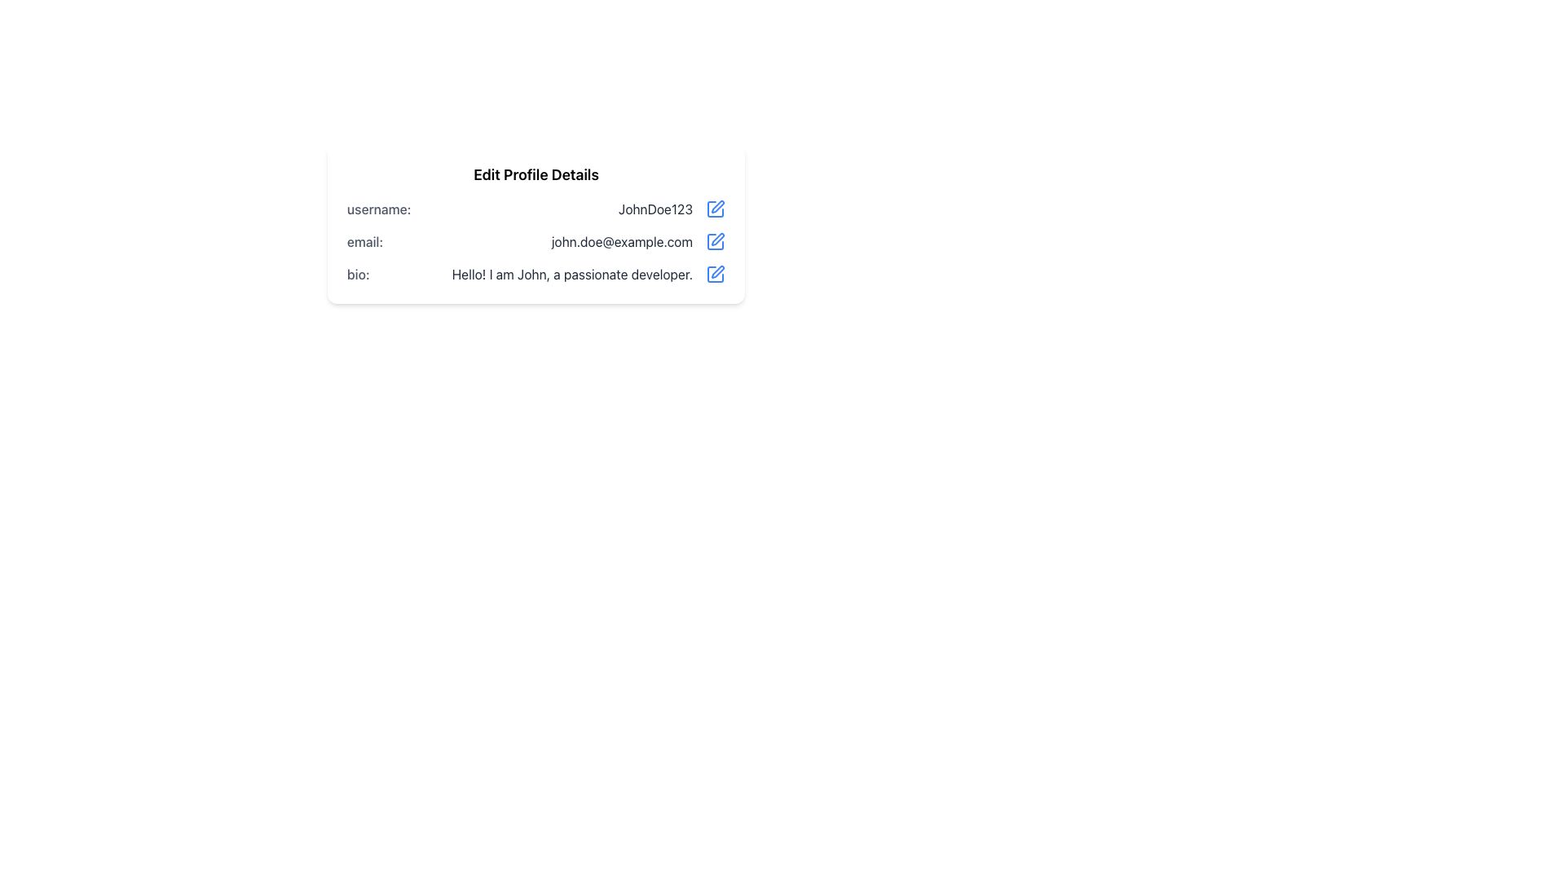 The width and height of the screenshot is (1565, 880). Describe the element at coordinates (621, 242) in the screenshot. I see `the static text displaying the user's email address located in the 'email' row of the 'Edit Profile Details' section, adjacent to the label 'email:'` at that location.